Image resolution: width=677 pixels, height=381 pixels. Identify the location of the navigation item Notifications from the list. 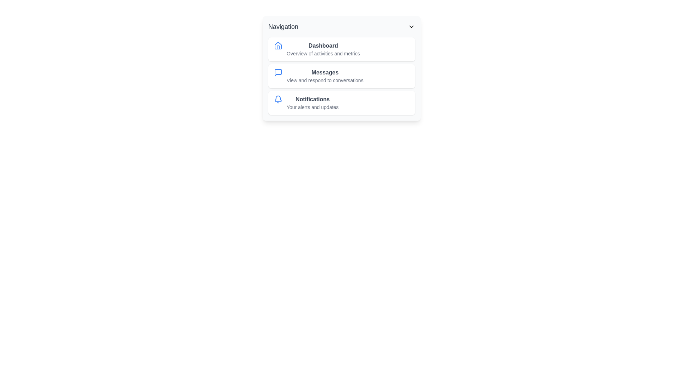
(342, 103).